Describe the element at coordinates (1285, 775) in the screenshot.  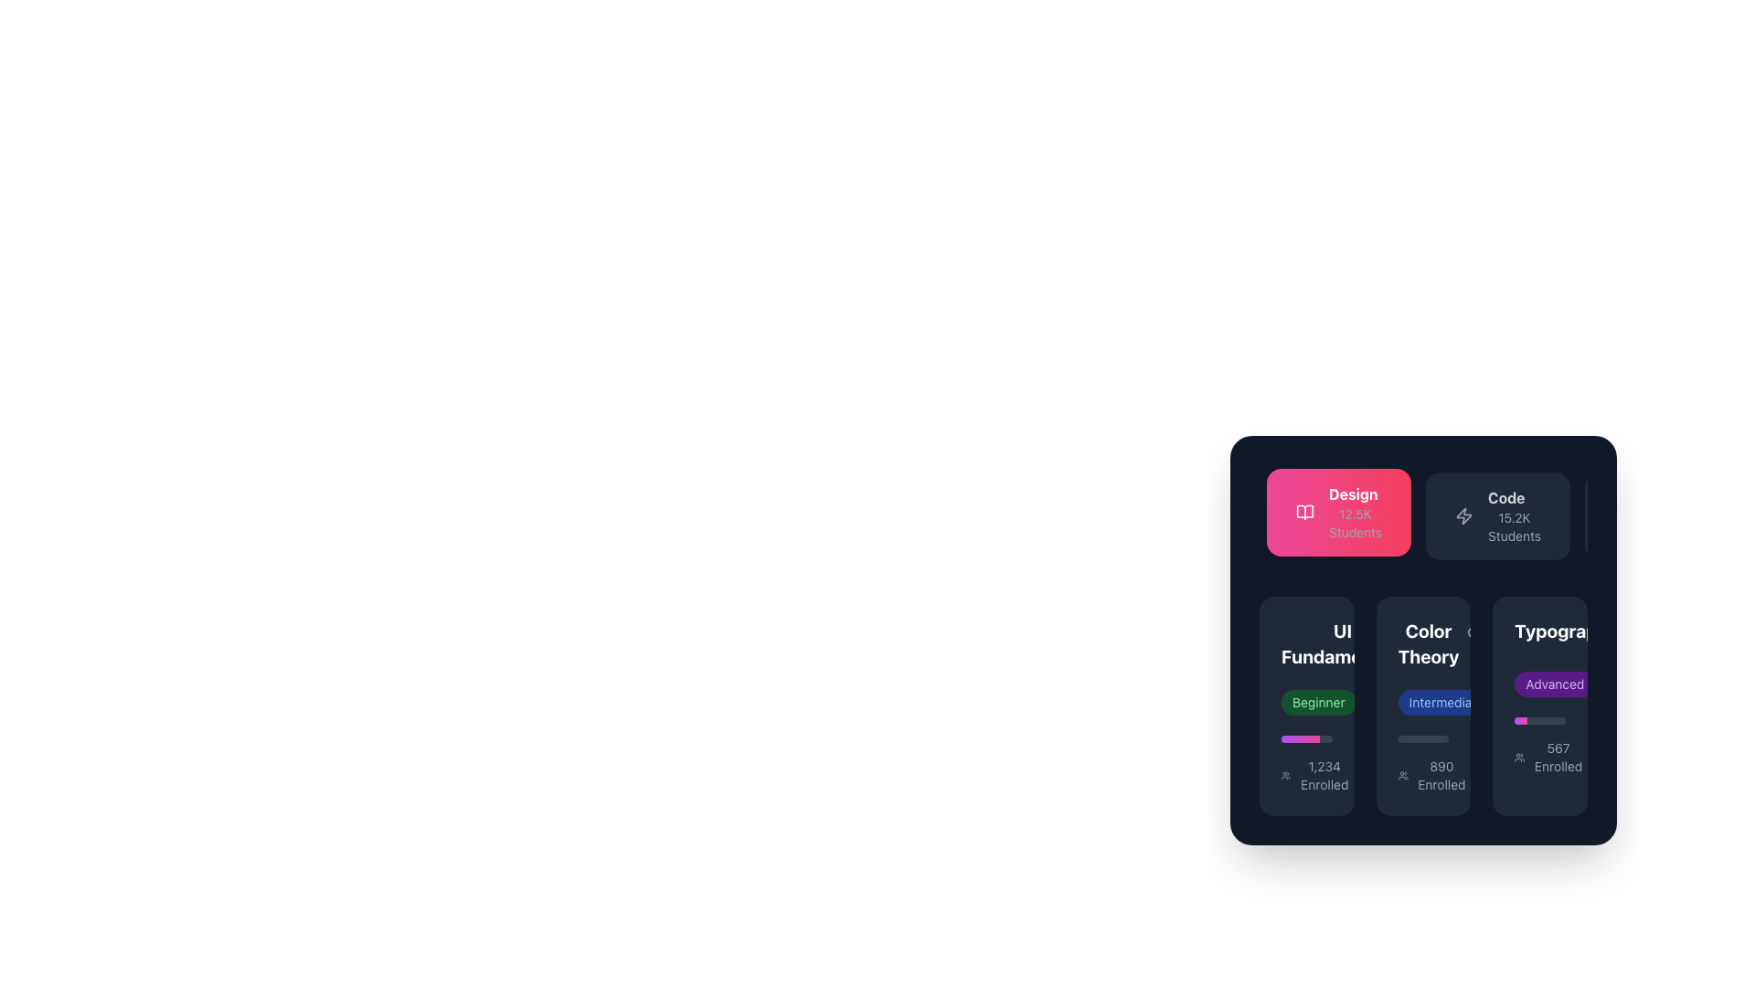
I see `the user group icon, which is a minimalist graphical representation with circular shapes and no fill, located to the left of the text '1,234 Enrolled.'` at that location.